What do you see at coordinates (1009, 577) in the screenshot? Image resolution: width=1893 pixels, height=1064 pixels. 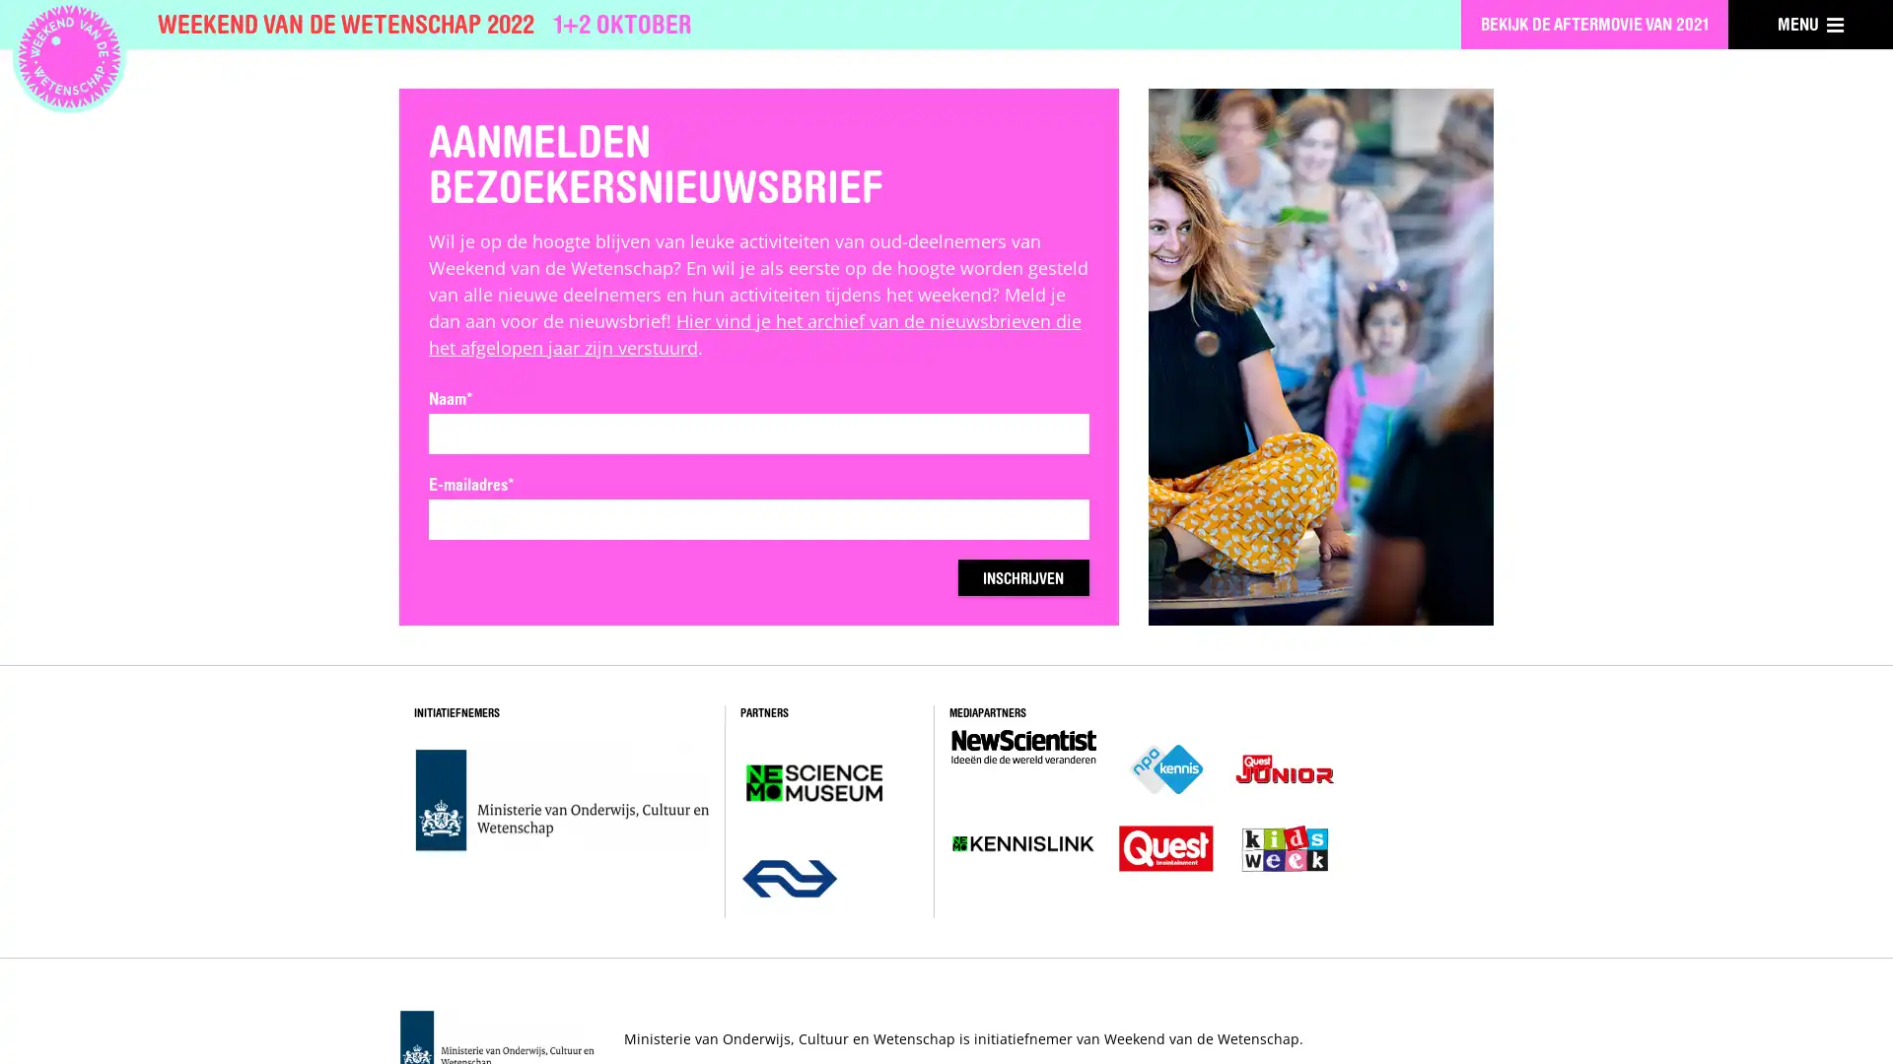 I see `Inschrijven` at bounding box center [1009, 577].